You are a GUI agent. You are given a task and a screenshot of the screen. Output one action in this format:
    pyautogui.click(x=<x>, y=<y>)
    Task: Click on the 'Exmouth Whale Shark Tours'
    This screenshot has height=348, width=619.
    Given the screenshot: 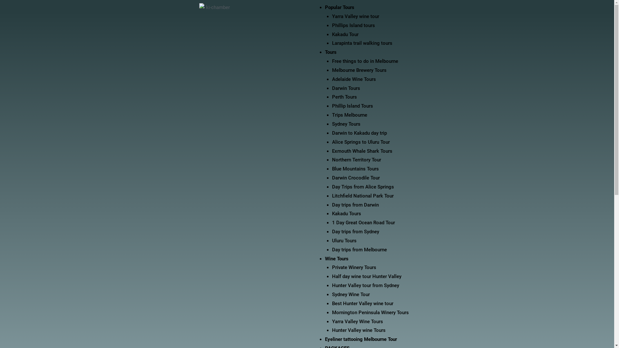 What is the action you would take?
    pyautogui.click(x=332, y=151)
    